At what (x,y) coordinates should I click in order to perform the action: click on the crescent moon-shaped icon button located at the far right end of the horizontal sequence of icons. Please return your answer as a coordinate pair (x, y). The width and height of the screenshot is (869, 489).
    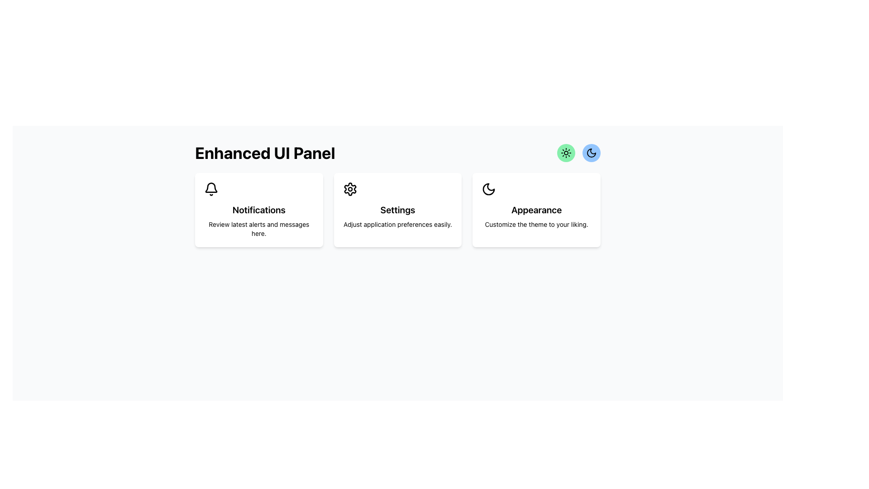
    Looking at the image, I should click on (591, 153).